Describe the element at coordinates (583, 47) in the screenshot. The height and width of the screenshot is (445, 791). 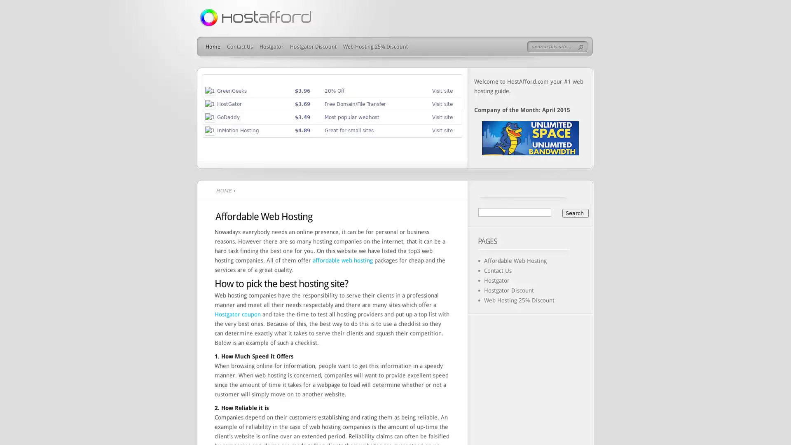
I see `Submit` at that location.